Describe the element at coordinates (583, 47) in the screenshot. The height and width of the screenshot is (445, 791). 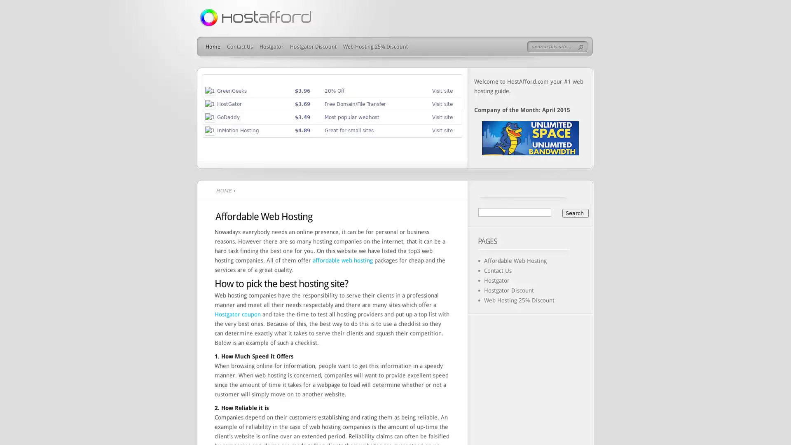
I see `Submit` at that location.